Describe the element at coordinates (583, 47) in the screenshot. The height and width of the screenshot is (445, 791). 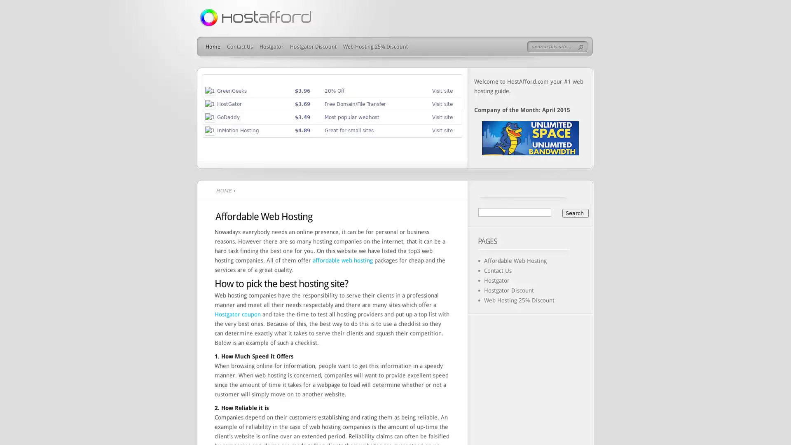
I see `Submit` at that location.